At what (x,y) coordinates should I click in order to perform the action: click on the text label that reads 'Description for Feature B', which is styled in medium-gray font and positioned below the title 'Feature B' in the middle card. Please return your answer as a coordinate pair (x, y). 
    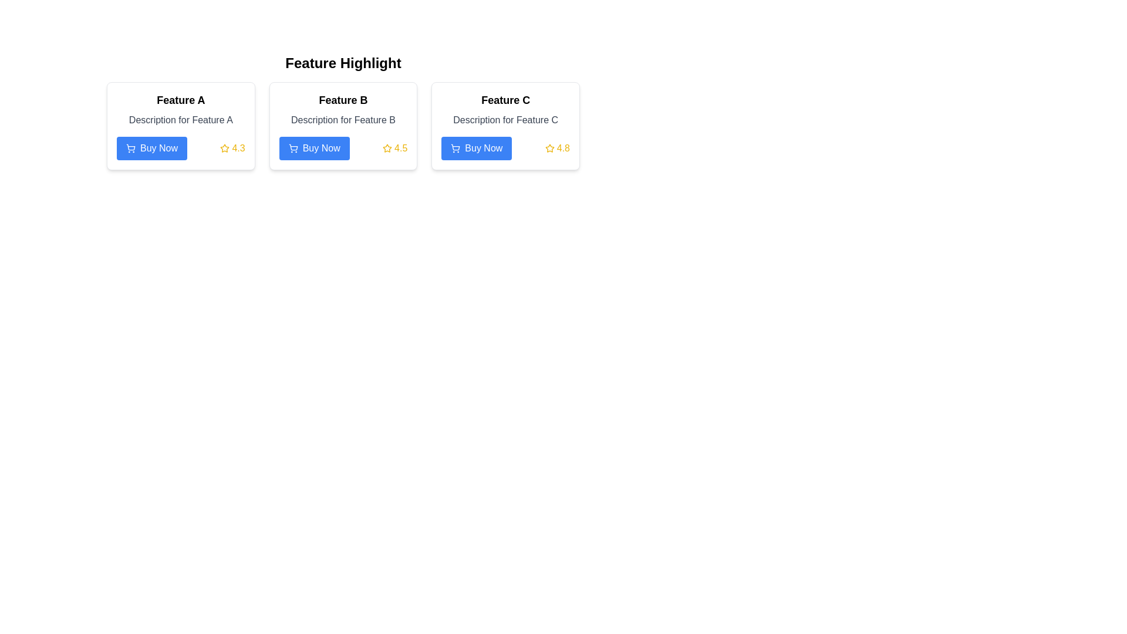
    Looking at the image, I should click on (343, 120).